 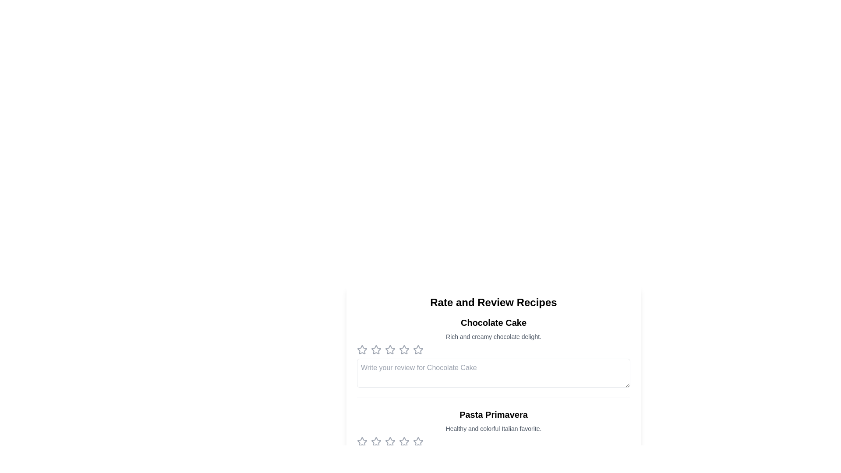 What do you see at coordinates (403, 441) in the screenshot?
I see `the fourth star icon in the second row of the rating interface for the 'Pasta Primavera' recipe` at bounding box center [403, 441].